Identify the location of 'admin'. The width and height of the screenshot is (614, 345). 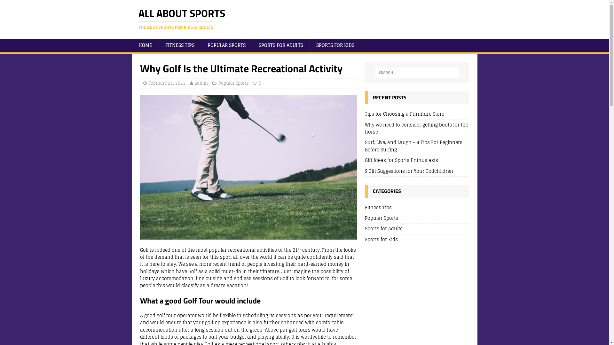
(201, 83).